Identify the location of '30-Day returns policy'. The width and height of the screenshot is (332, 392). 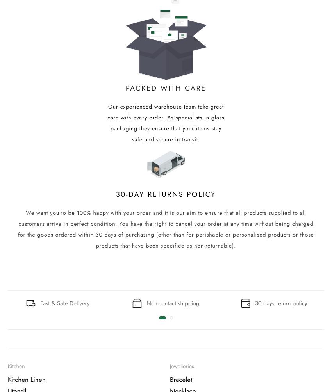
(115, 193).